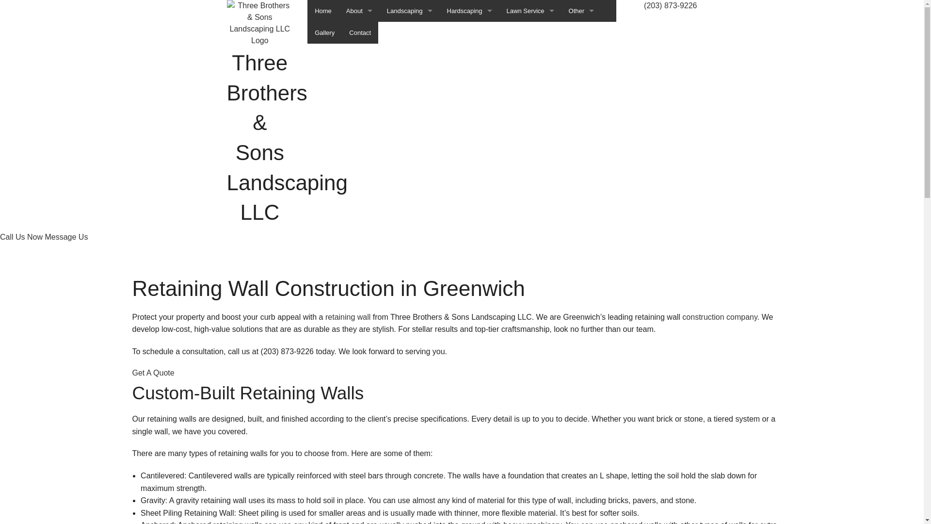  I want to click on '(203) 873-9226', so click(670, 5).